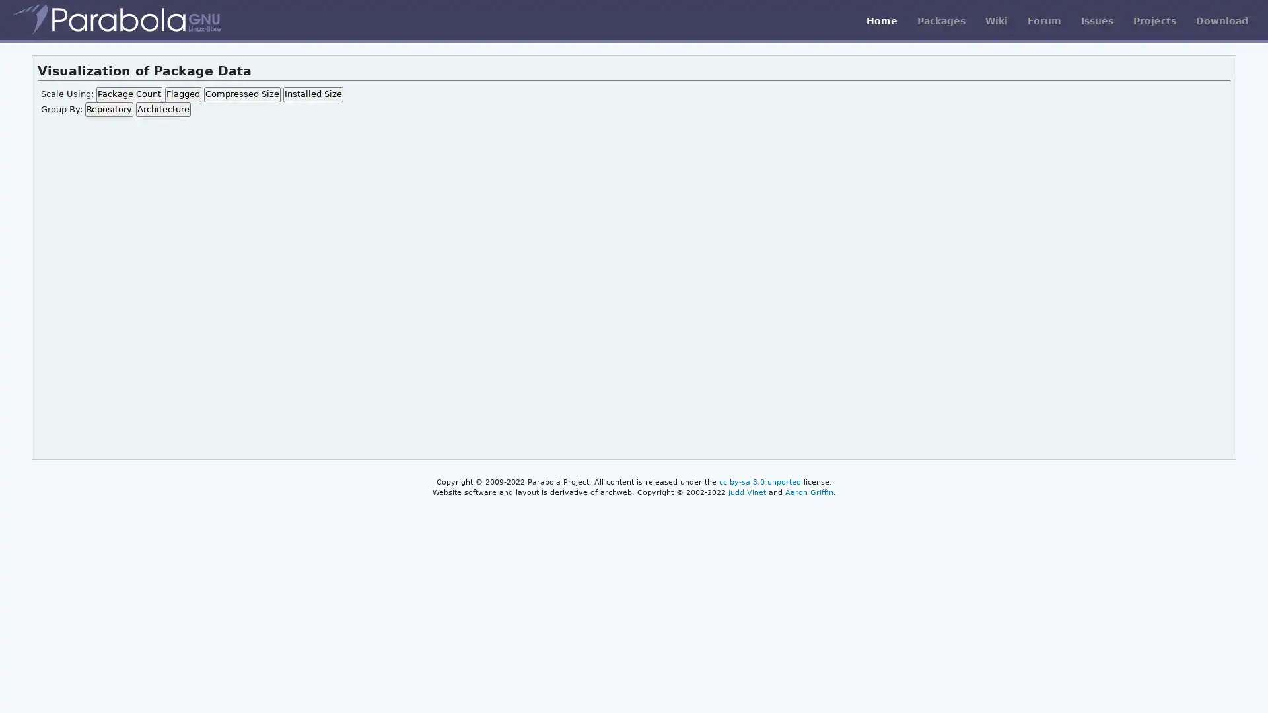 The height and width of the screenshot is (713, 1268). What do you see at coordinates (241, 93) in the screenshot?
I see `Compressed Size` at bounding box center [241, 93].